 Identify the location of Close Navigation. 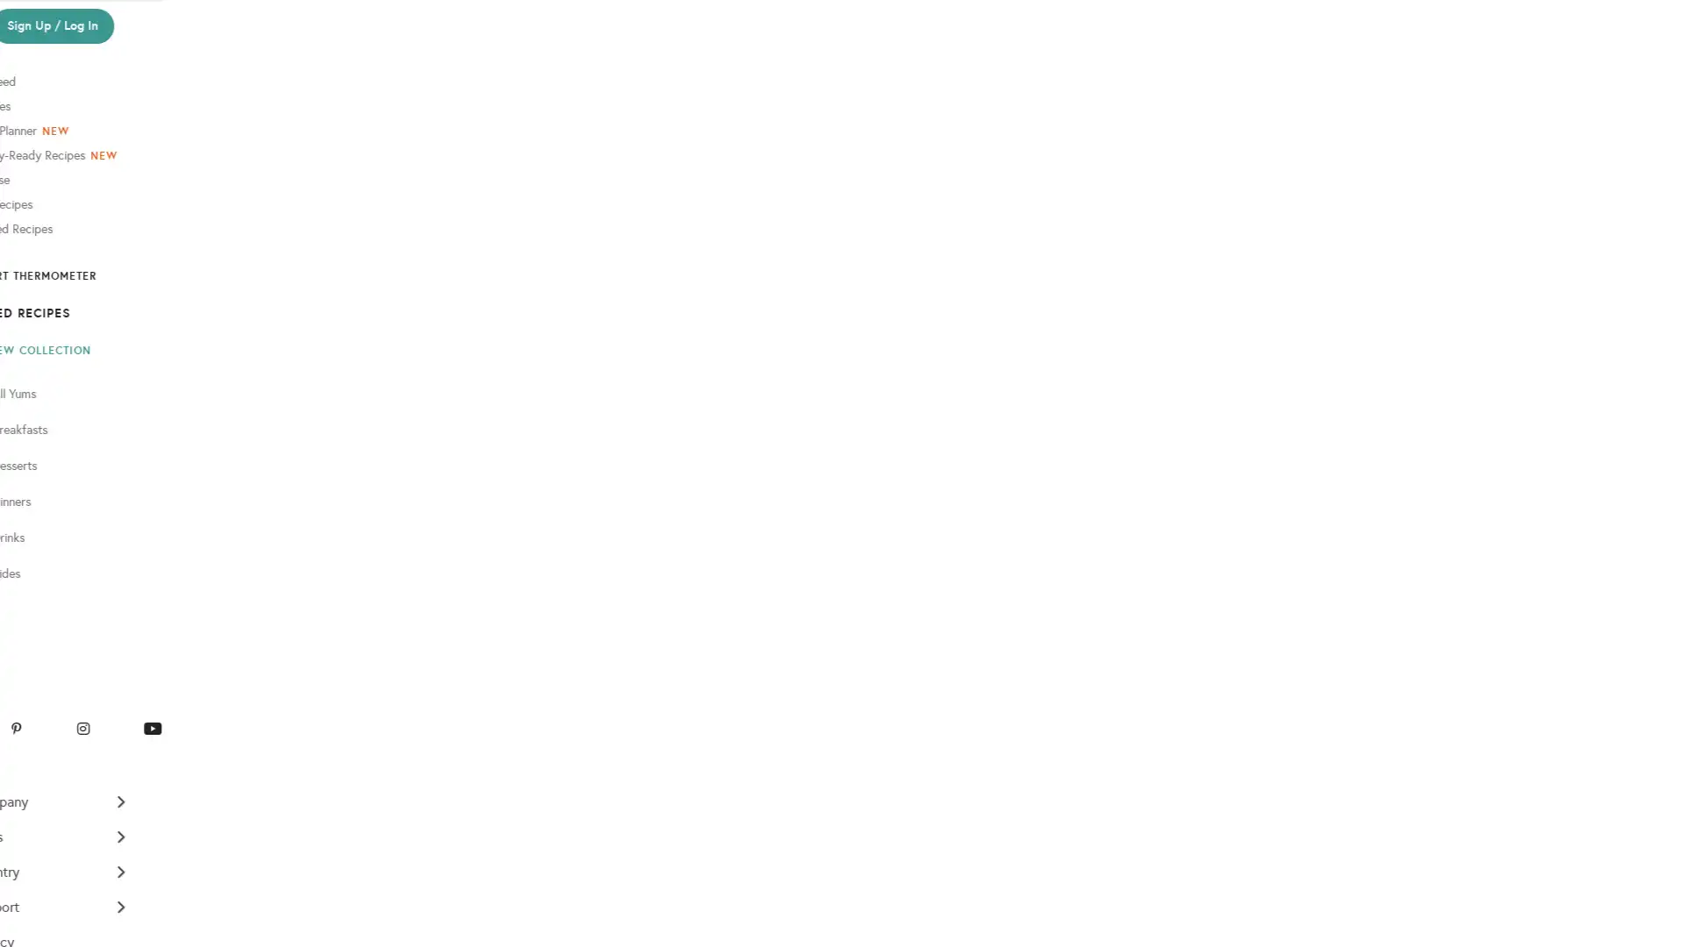
(168, 20).